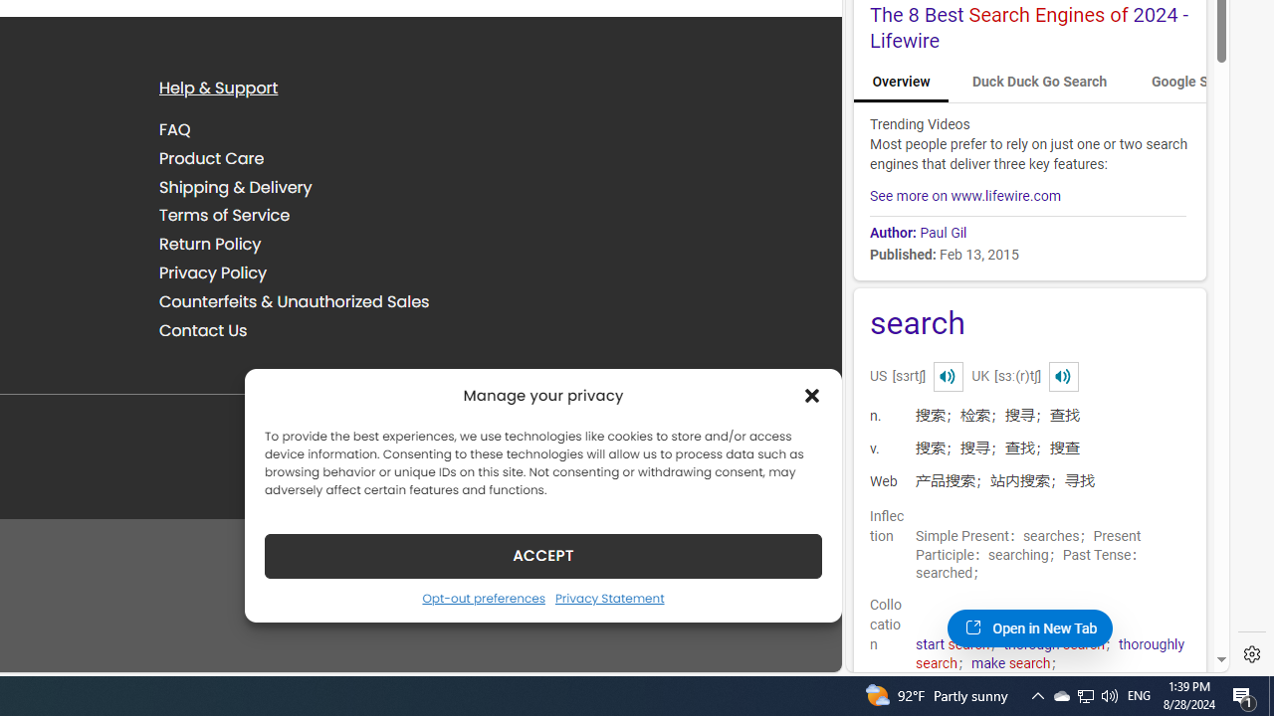 The image size is (1274, 716). I want to click on 'ACCEPT', so click(542, 555).